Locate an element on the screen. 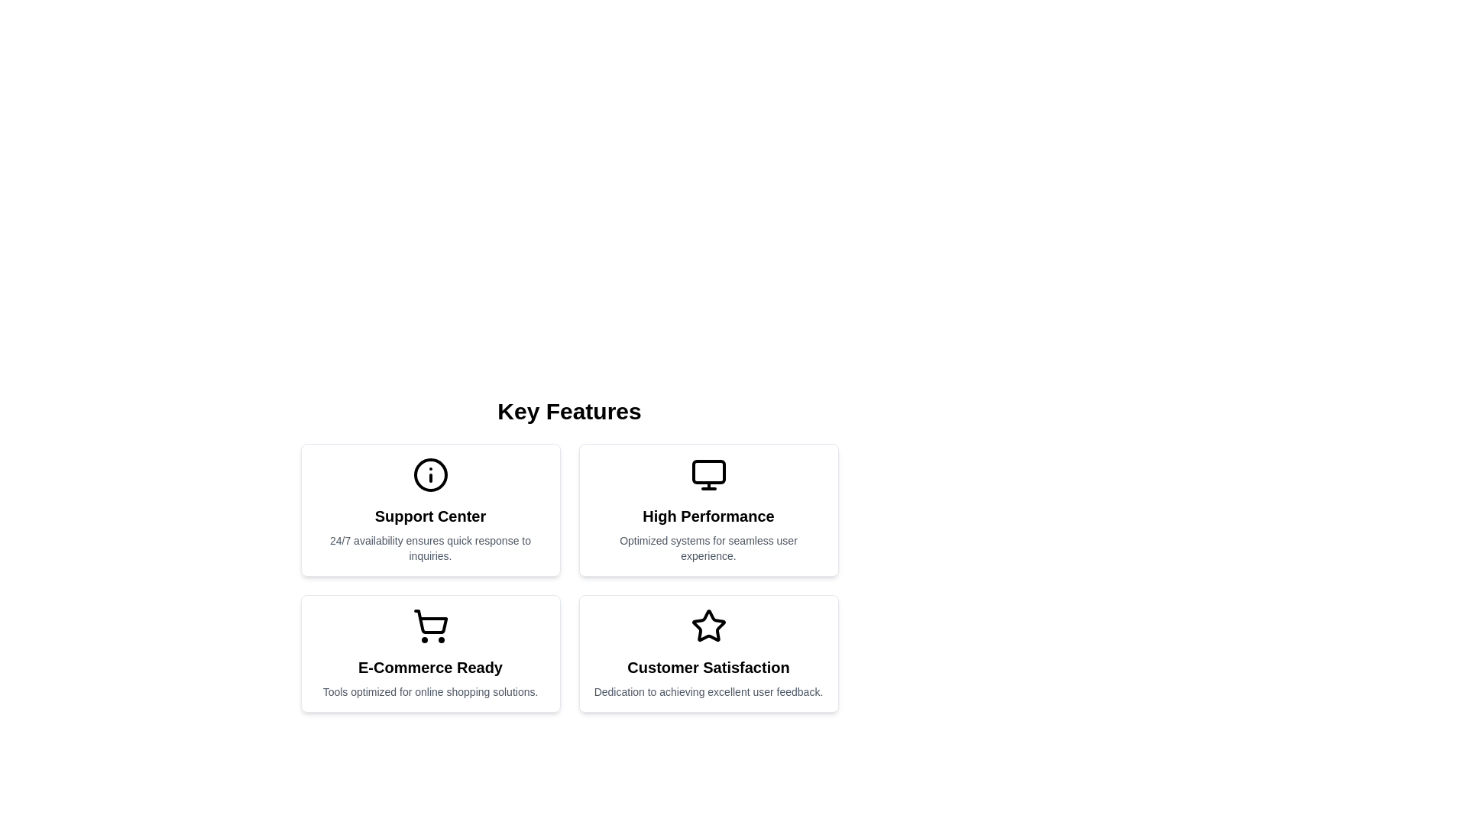 Image resolution: width=1467 pixels, height=825 pixels. the e-commerce shopping icon located at the top of the 'E-Commerce Ready' card is located at coordinates (429, 622).